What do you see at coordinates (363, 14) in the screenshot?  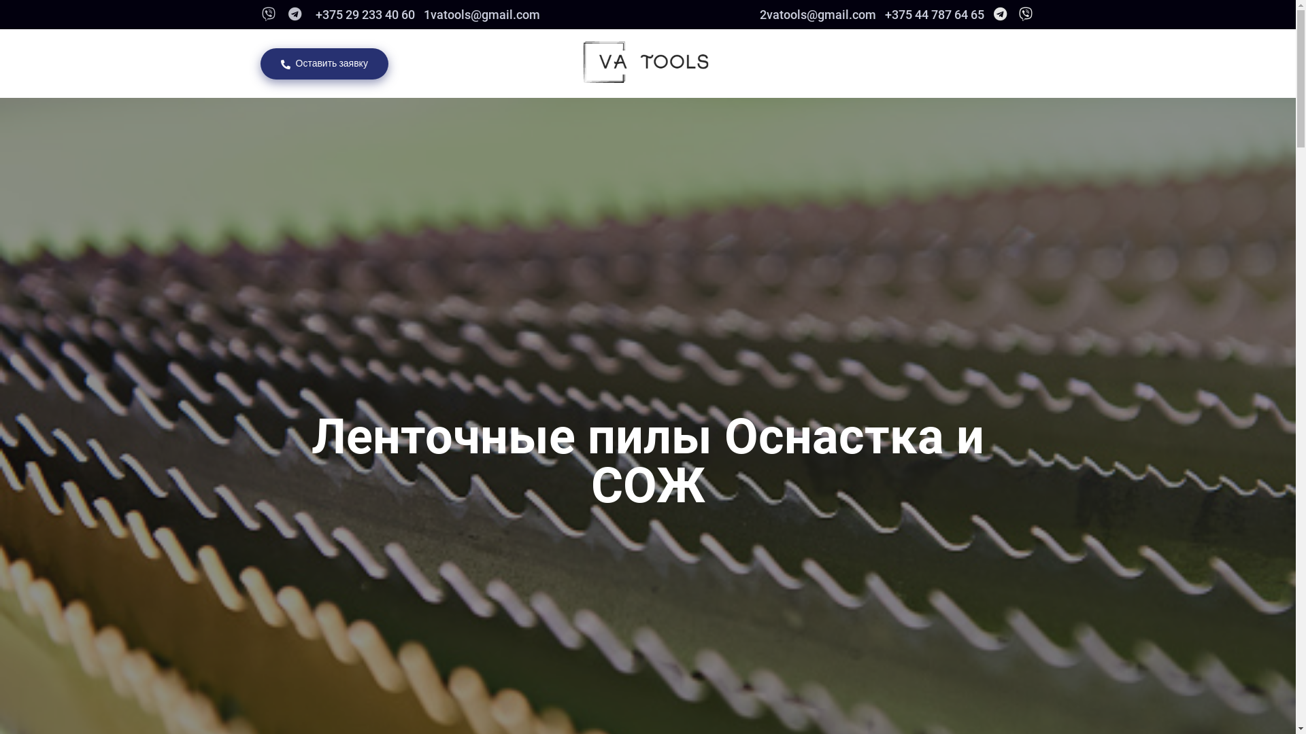 I see `'+375 29 233 40 60'` at bounding box center [363, 14].